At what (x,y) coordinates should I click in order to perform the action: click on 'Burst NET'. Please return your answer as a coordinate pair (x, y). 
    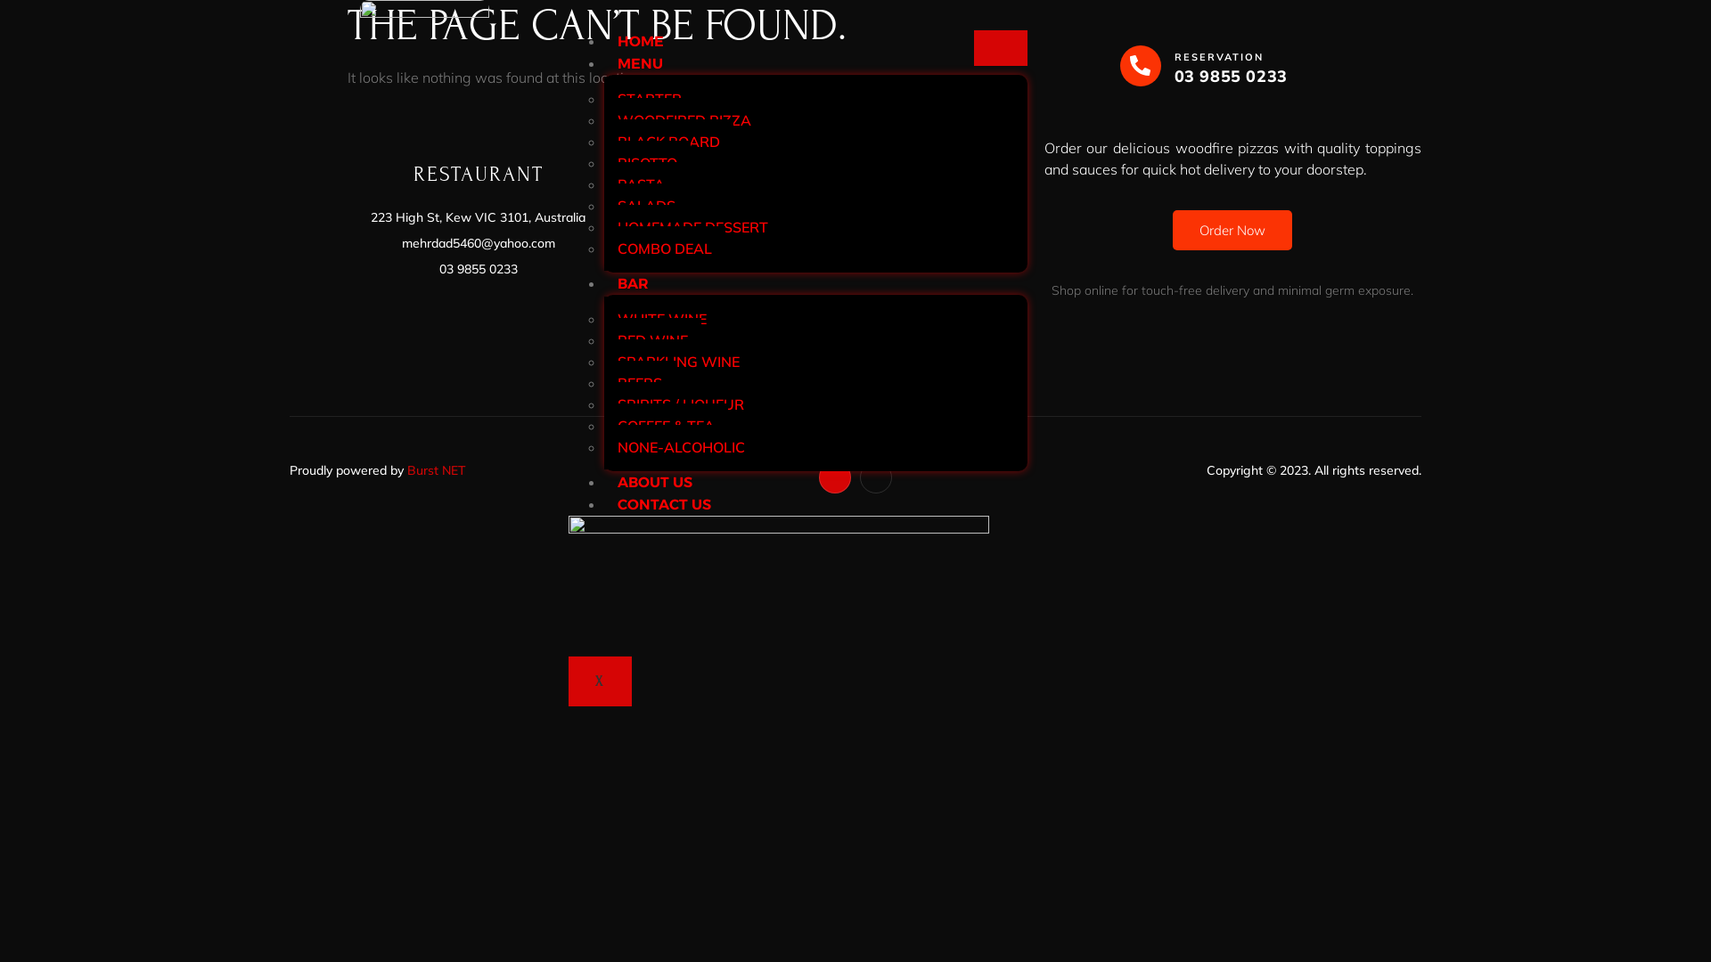
    Looking at the image, I should click on (436, 469).